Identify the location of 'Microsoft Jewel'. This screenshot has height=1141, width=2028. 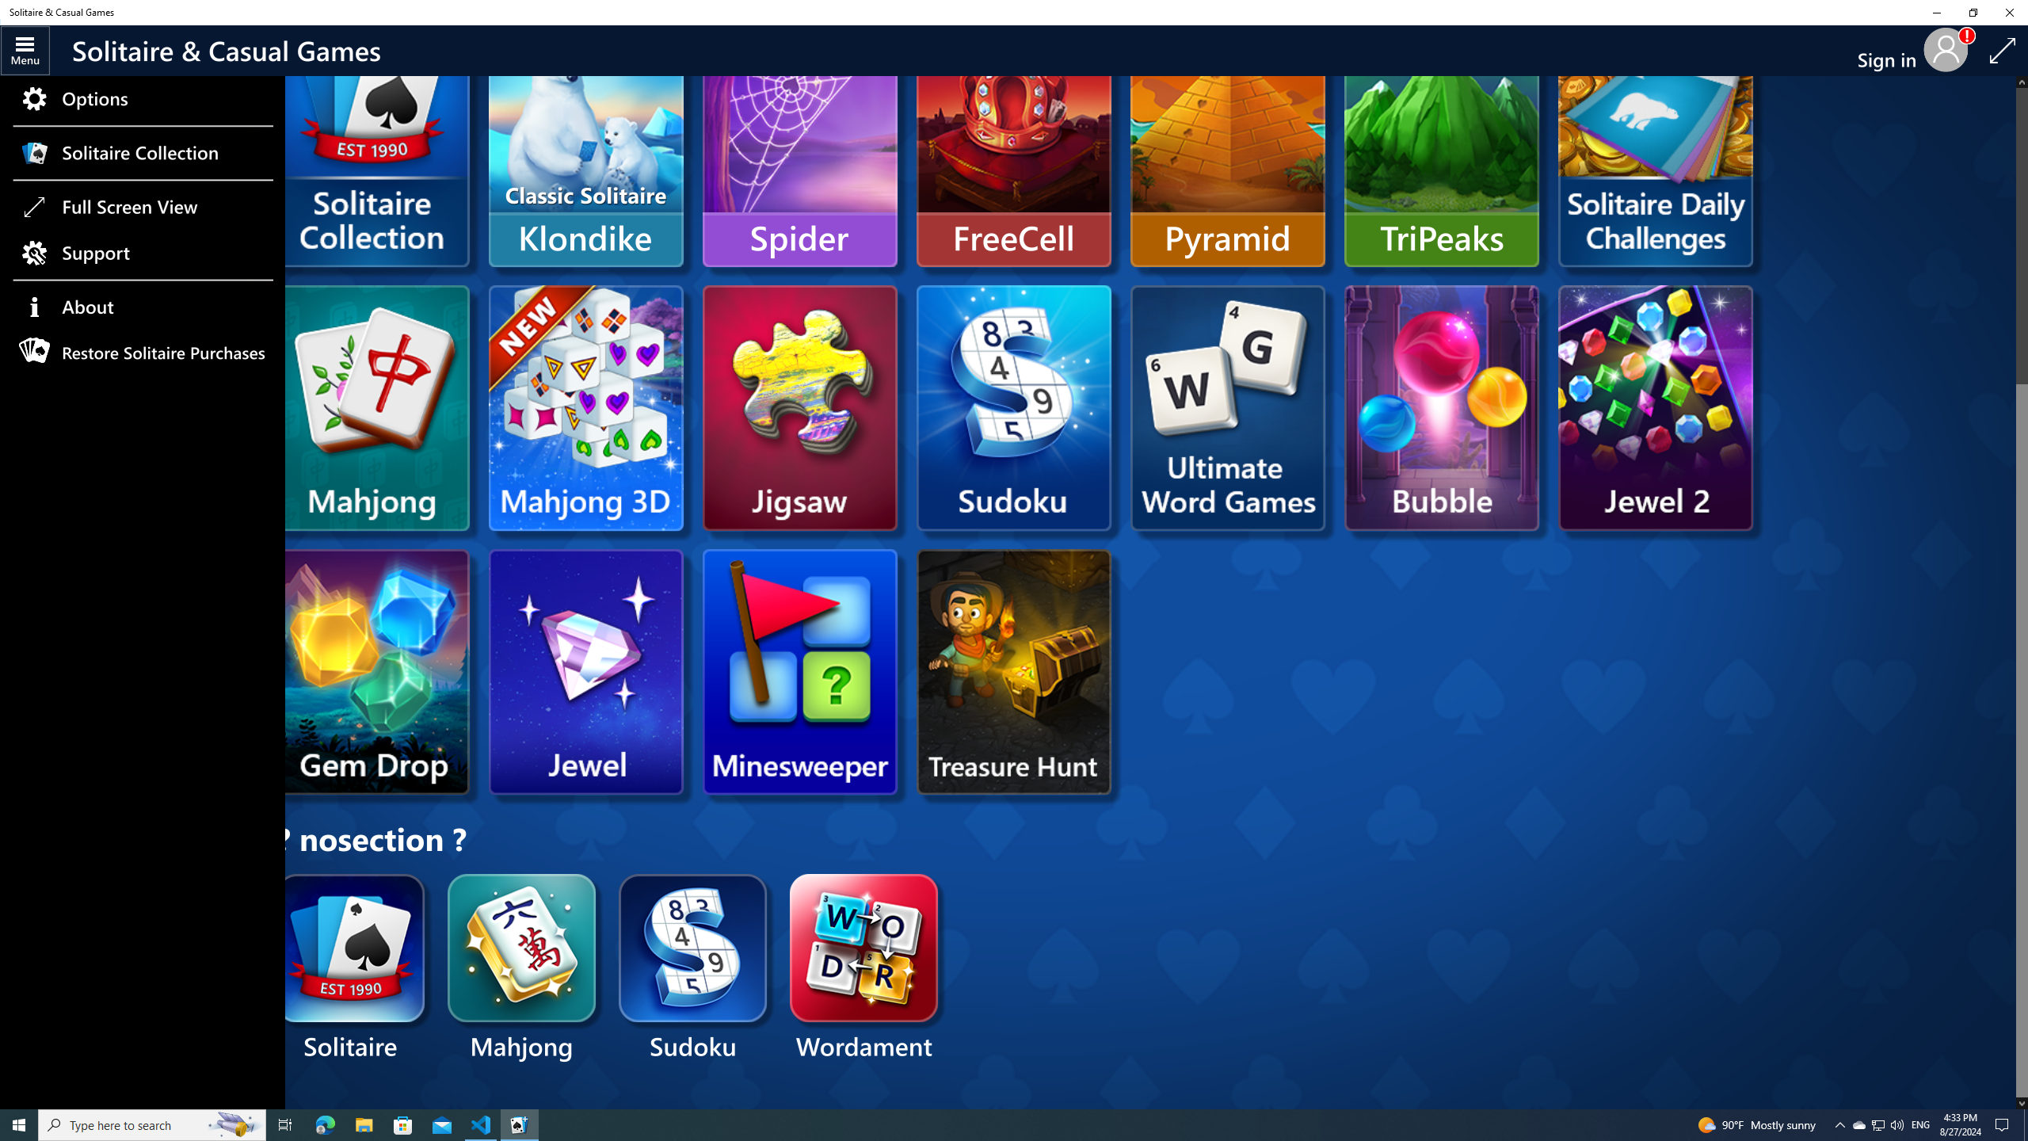
(585, 671).